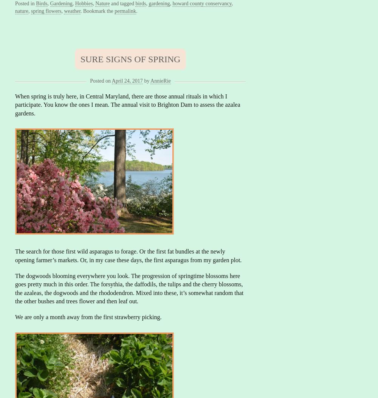 Image resolution: width=378 pixels, height=398 pixels. I want to click on '. Bookmark the', so click(80, 11).